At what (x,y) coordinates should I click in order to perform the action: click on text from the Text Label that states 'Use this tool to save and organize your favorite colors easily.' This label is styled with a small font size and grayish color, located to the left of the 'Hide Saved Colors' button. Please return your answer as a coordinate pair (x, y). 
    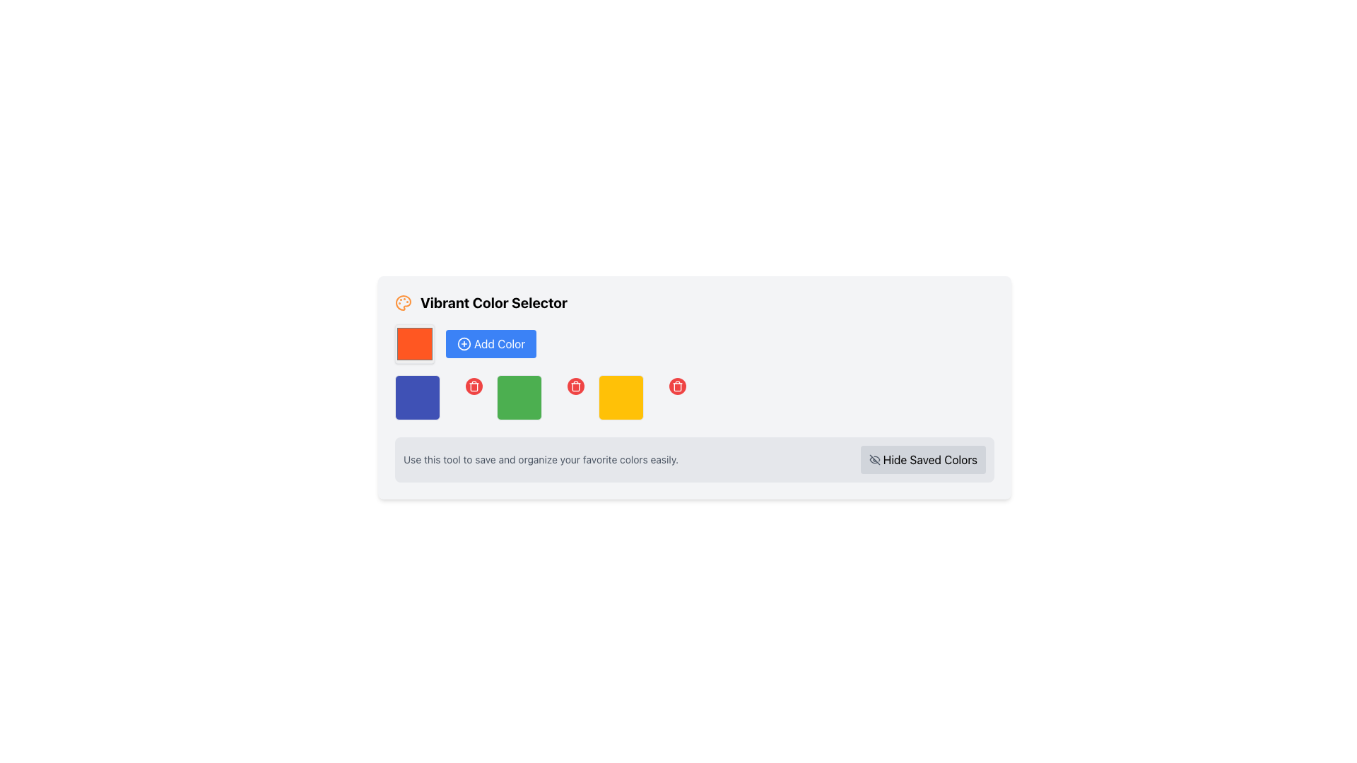
    Looking at the image, I should click on (540, 460).